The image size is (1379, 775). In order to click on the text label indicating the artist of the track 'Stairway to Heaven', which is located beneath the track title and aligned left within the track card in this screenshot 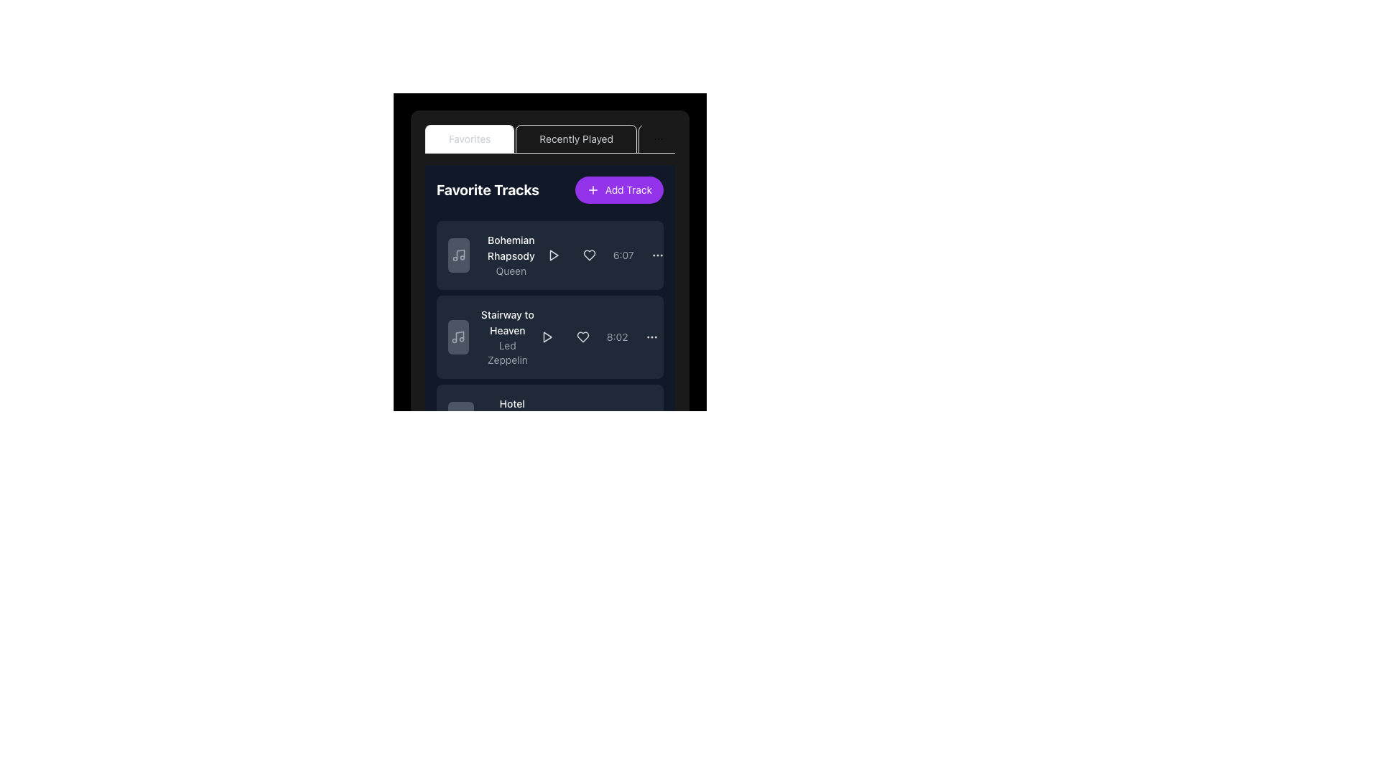, I will do `click(507, 353)`.